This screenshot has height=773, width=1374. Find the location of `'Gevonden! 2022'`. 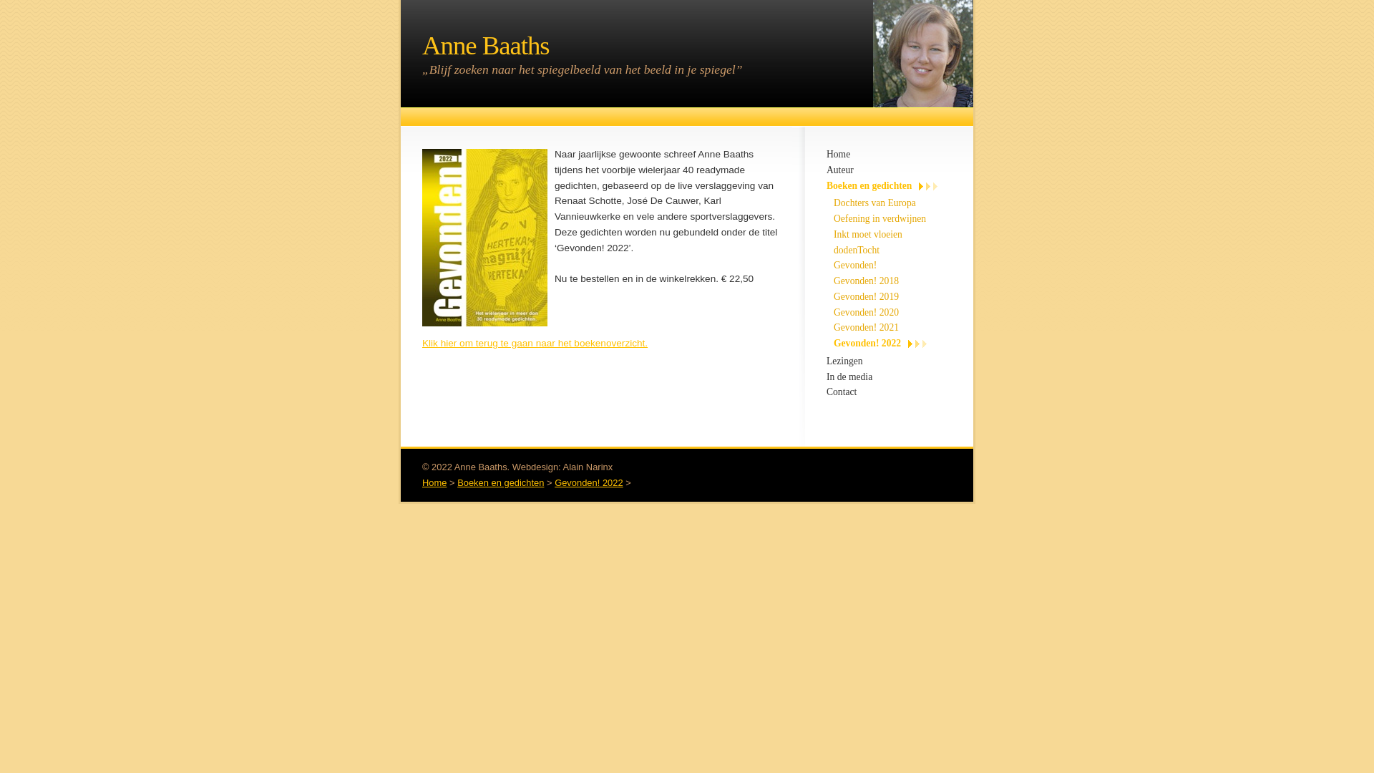

'Gevonden! 2022' is located at coordinates (879, 343).